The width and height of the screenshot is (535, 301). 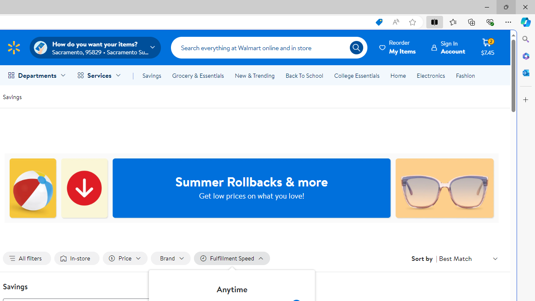 What do you see at coordinates (356, 48) in the screenshot?
I see `'Search icon'` at bounding box center [356, 48].